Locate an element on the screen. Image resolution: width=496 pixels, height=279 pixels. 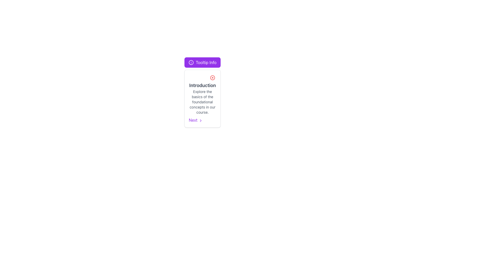
the navigational button located at the bottom of the 'Introduction' card is located at coordinates (195, 120).